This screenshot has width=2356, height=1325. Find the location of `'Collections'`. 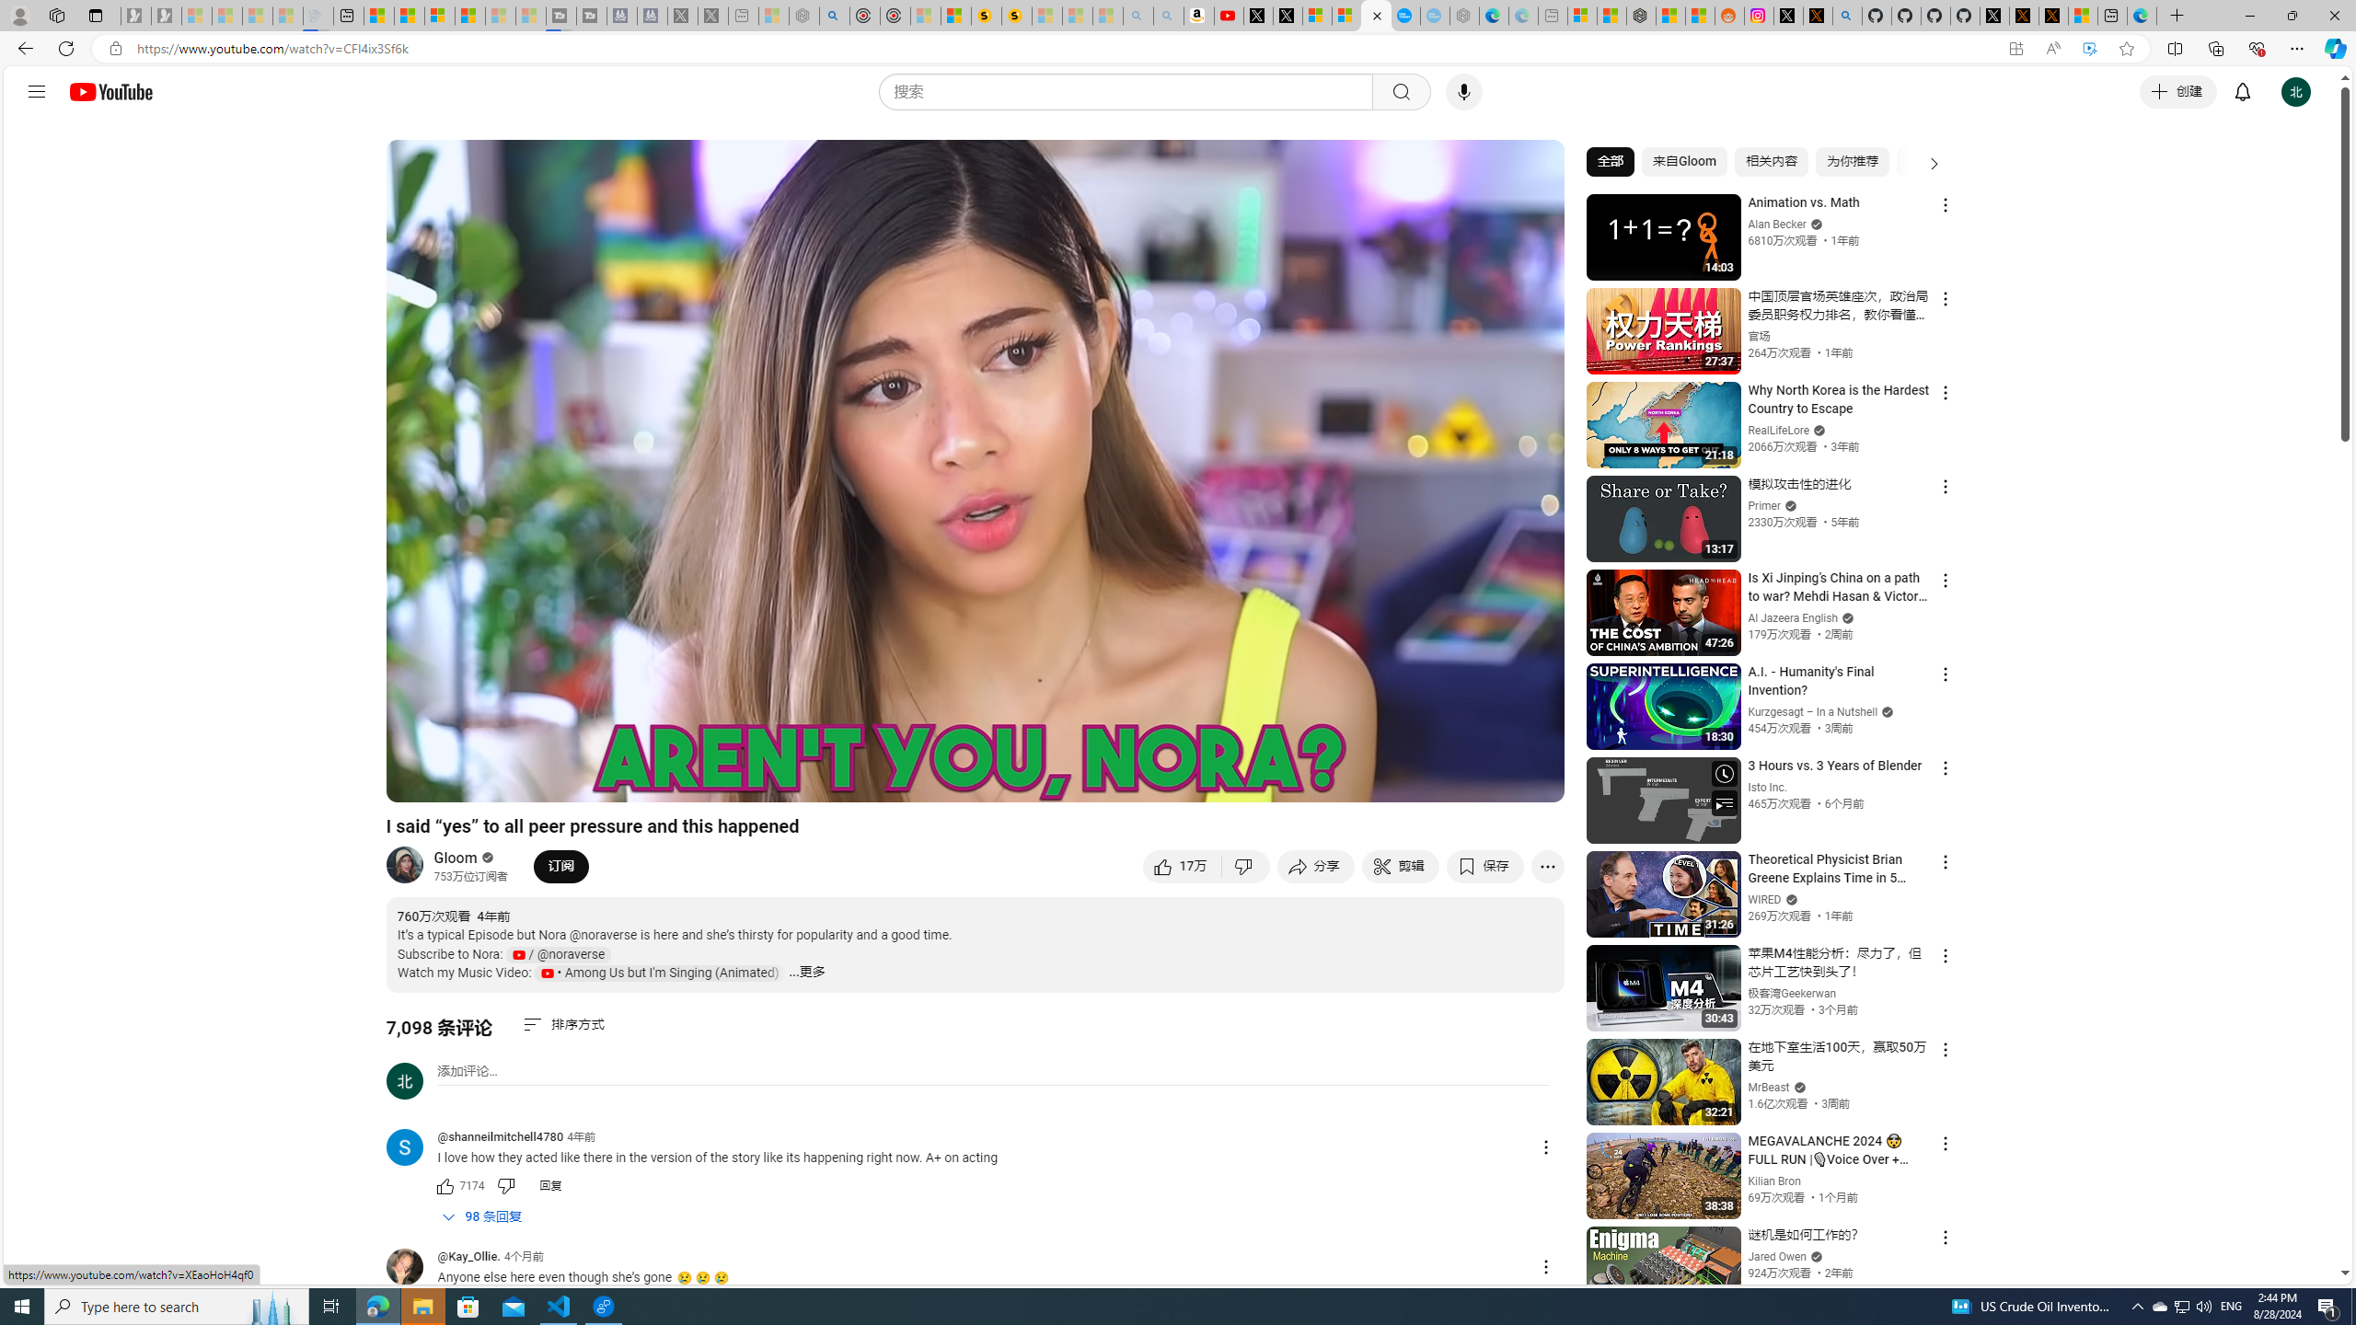

'Collections' is located at coordinates (2214, 47).